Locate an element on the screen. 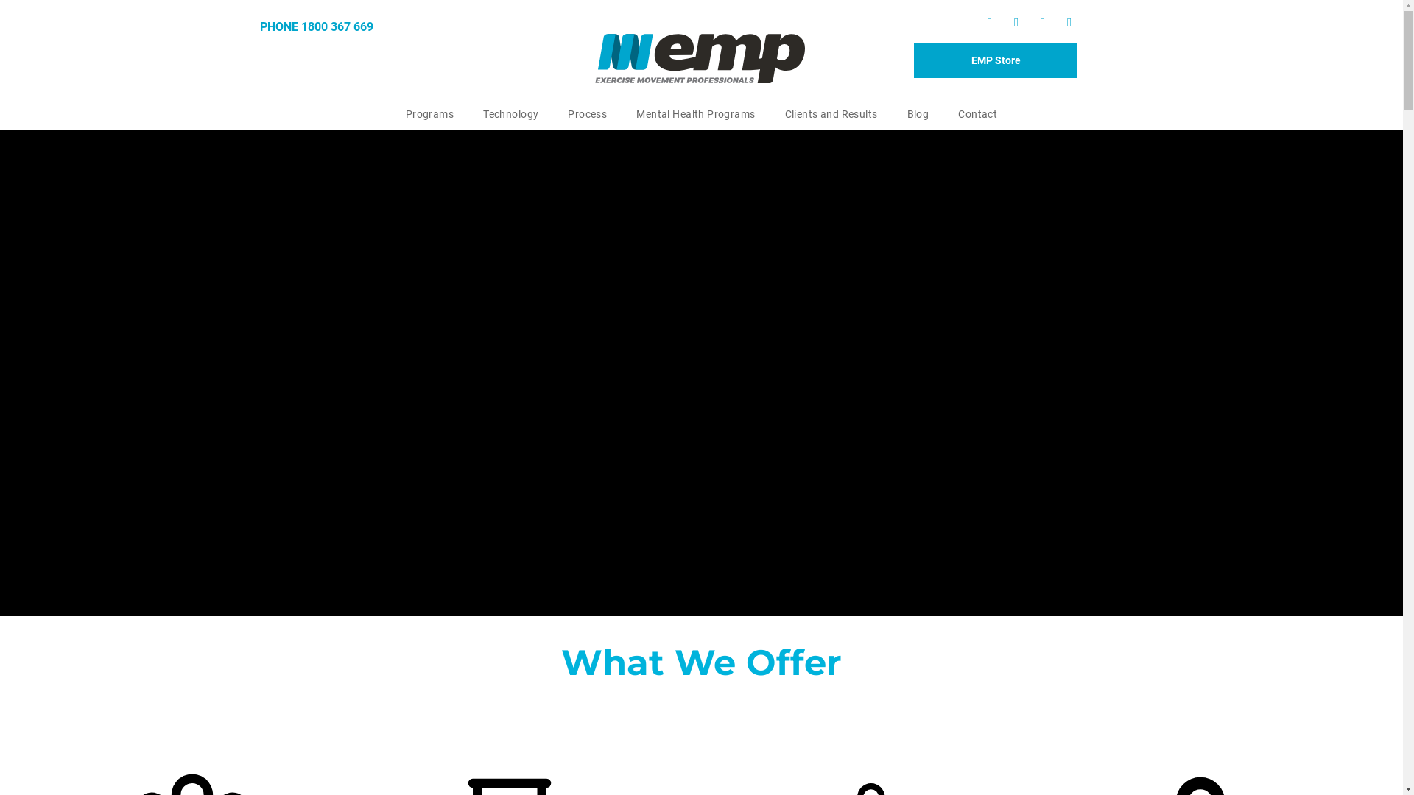 The width and height of the screenshot is (1414, 795). 'Process' is located at coordinates (586, 113).